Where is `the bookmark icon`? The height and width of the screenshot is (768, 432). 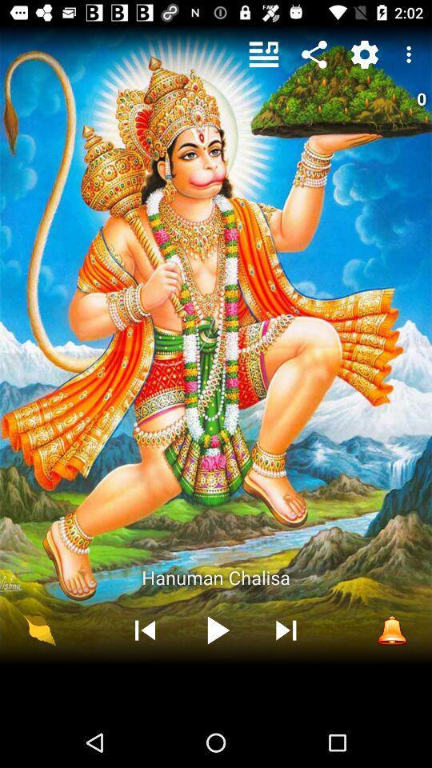
the bookmark icon is located at coordinates (39, 630).